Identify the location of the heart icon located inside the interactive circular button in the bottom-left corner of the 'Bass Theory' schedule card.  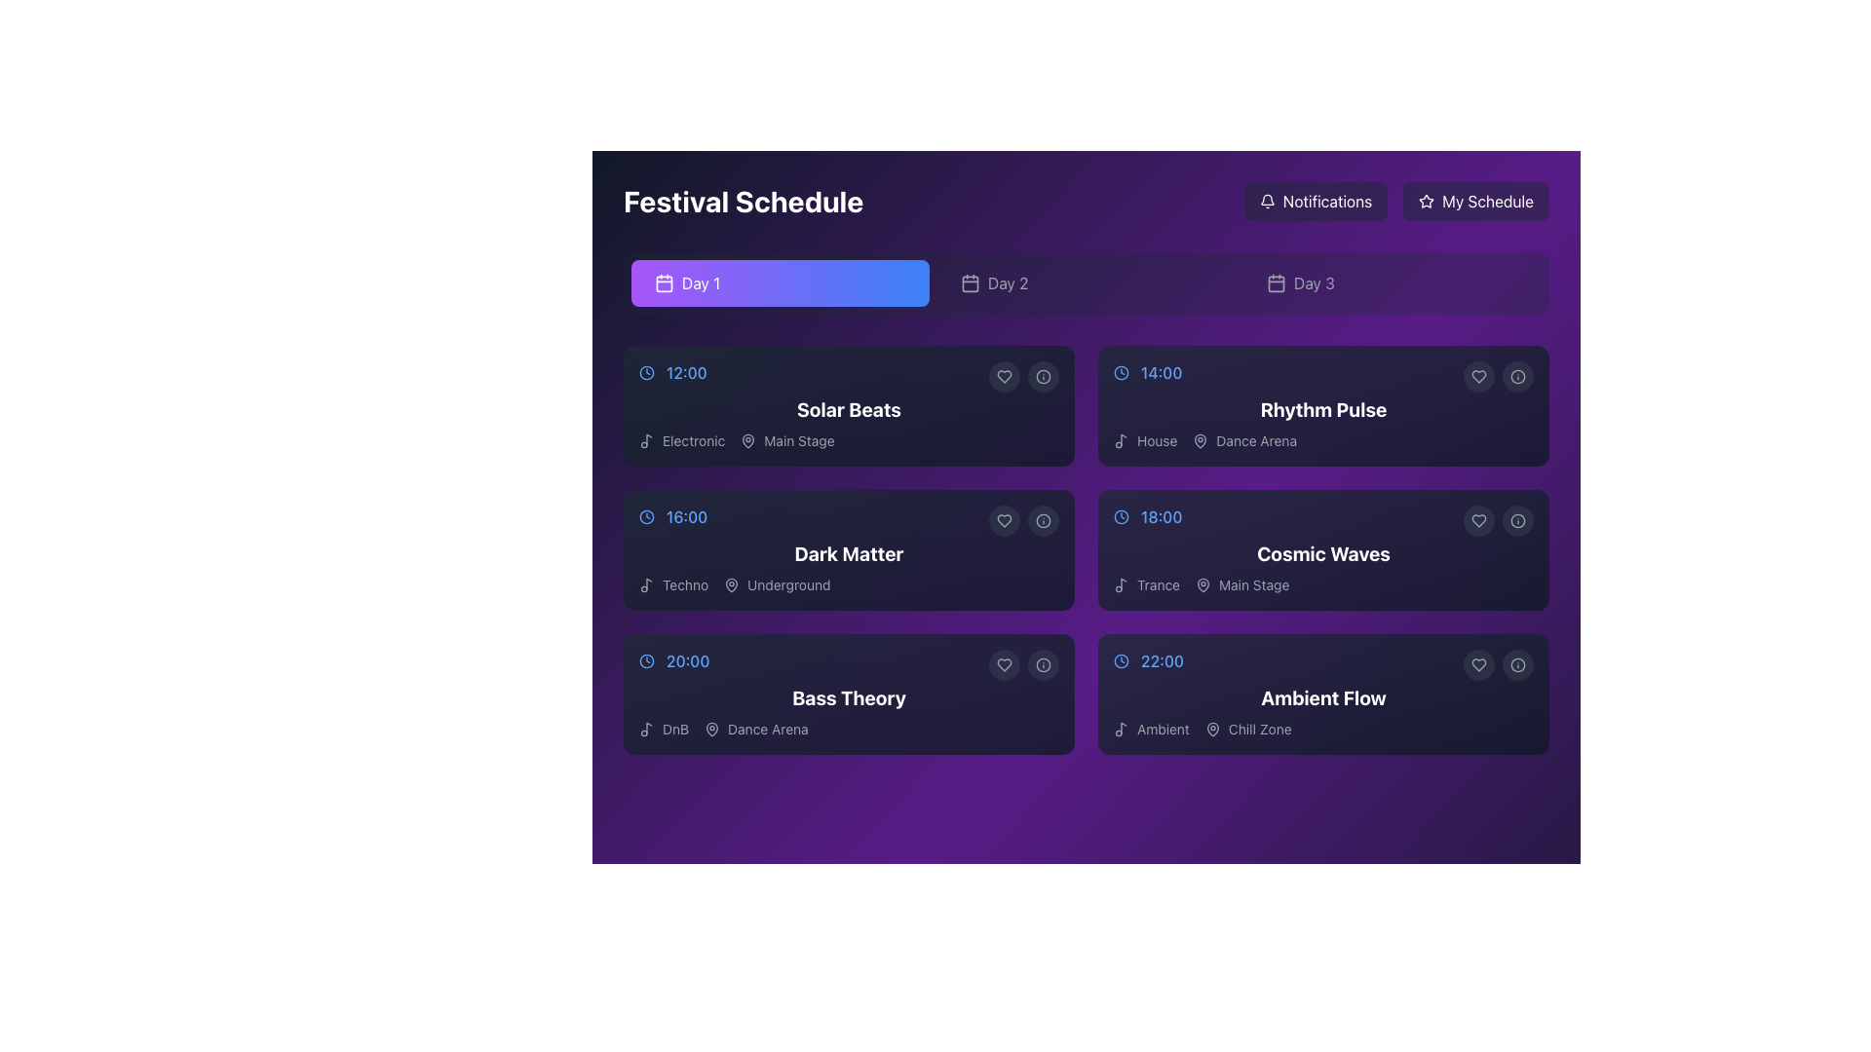
(1005, 663).